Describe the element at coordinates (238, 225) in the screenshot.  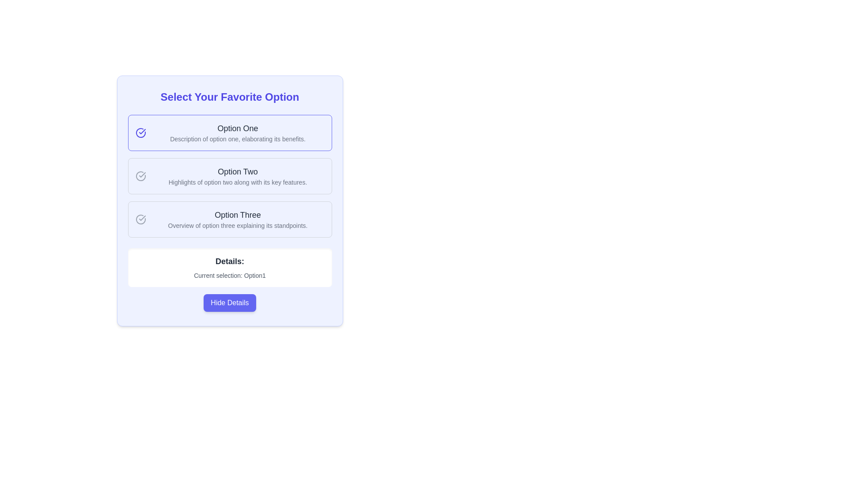
I see `informational text located in the 'Option Three' section, directly below its heading, which describes the core standpoints of 'Option Three'` at that location.